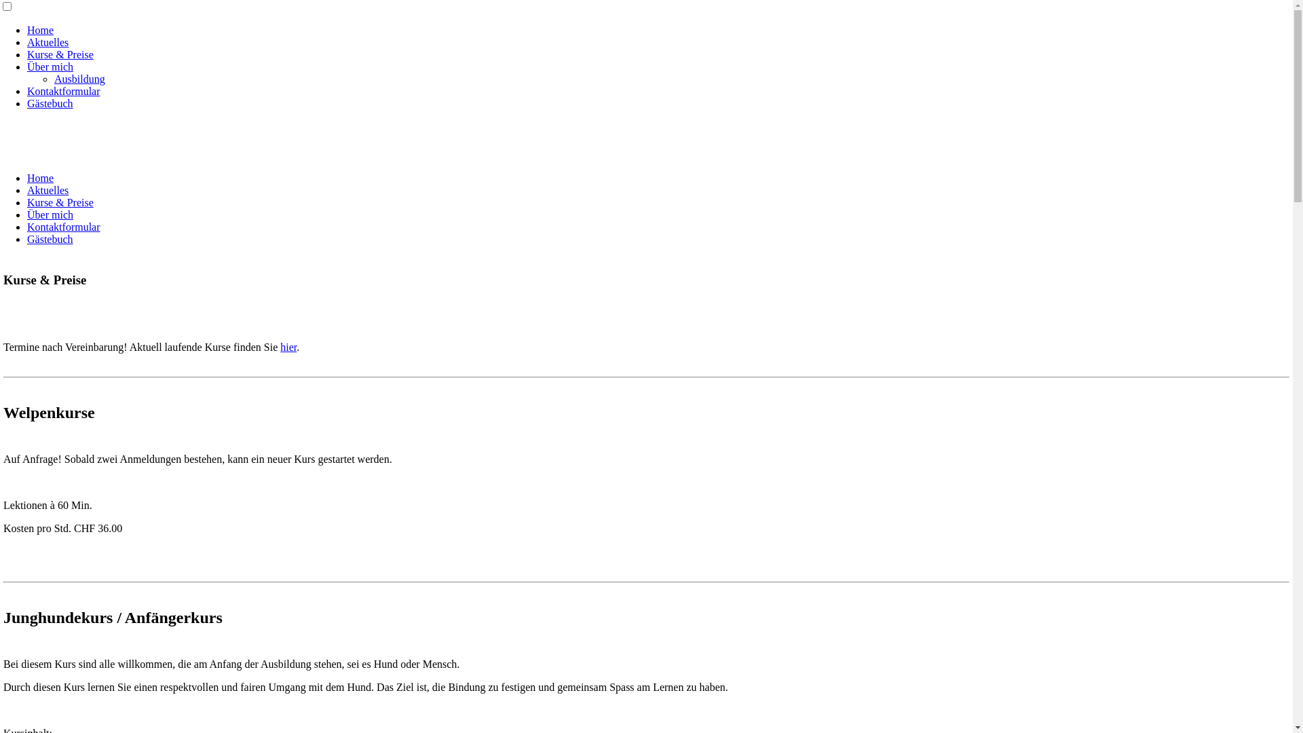  Describe the element at coordinates (63, 226) in the screenshot. I see `'Kontaktformular'` at that location.